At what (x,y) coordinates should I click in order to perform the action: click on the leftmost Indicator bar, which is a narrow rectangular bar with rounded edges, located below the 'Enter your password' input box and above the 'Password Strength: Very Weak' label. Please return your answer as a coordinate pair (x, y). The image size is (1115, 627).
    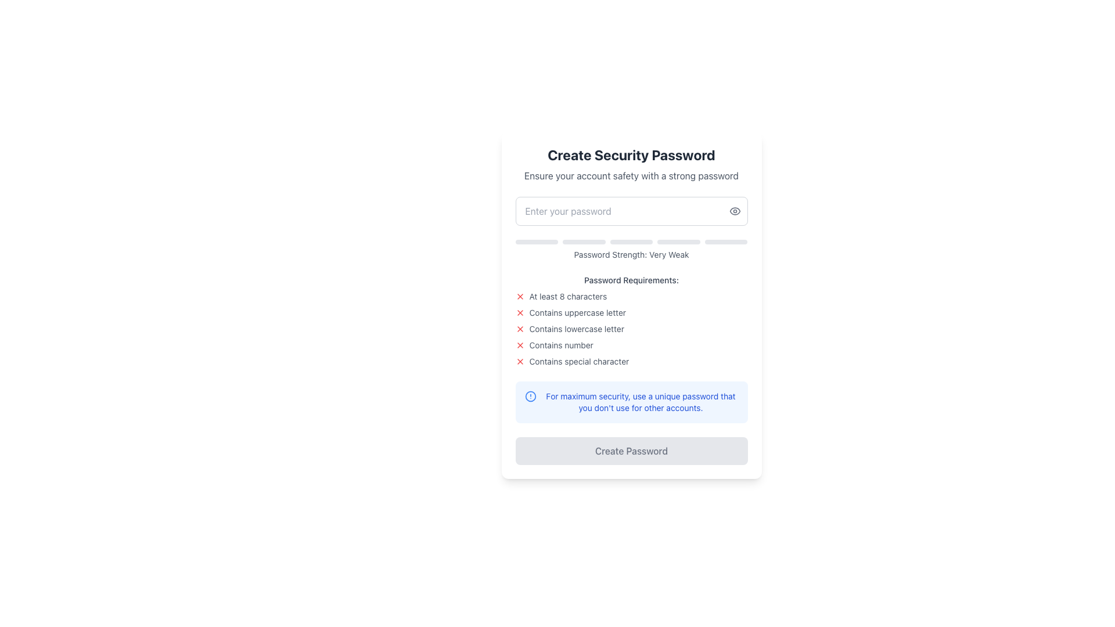
    Looking at the image, I should click on (536, 241).